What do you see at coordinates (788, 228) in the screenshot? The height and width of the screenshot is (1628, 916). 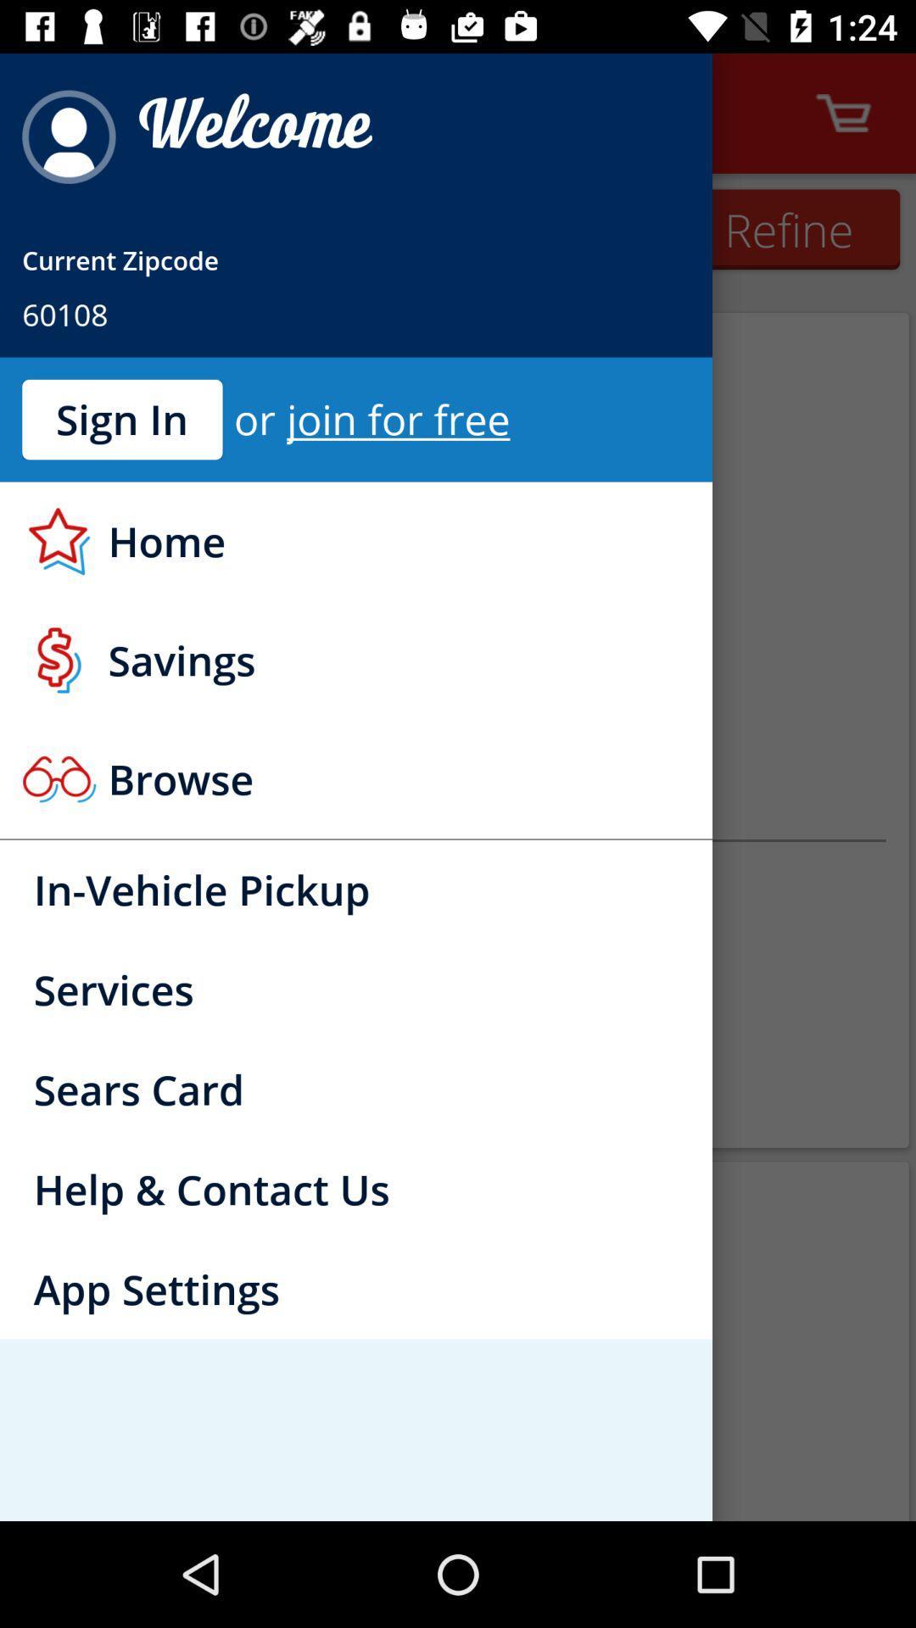 I see `the button at the right side of the page` at bounding box center [788, 228].